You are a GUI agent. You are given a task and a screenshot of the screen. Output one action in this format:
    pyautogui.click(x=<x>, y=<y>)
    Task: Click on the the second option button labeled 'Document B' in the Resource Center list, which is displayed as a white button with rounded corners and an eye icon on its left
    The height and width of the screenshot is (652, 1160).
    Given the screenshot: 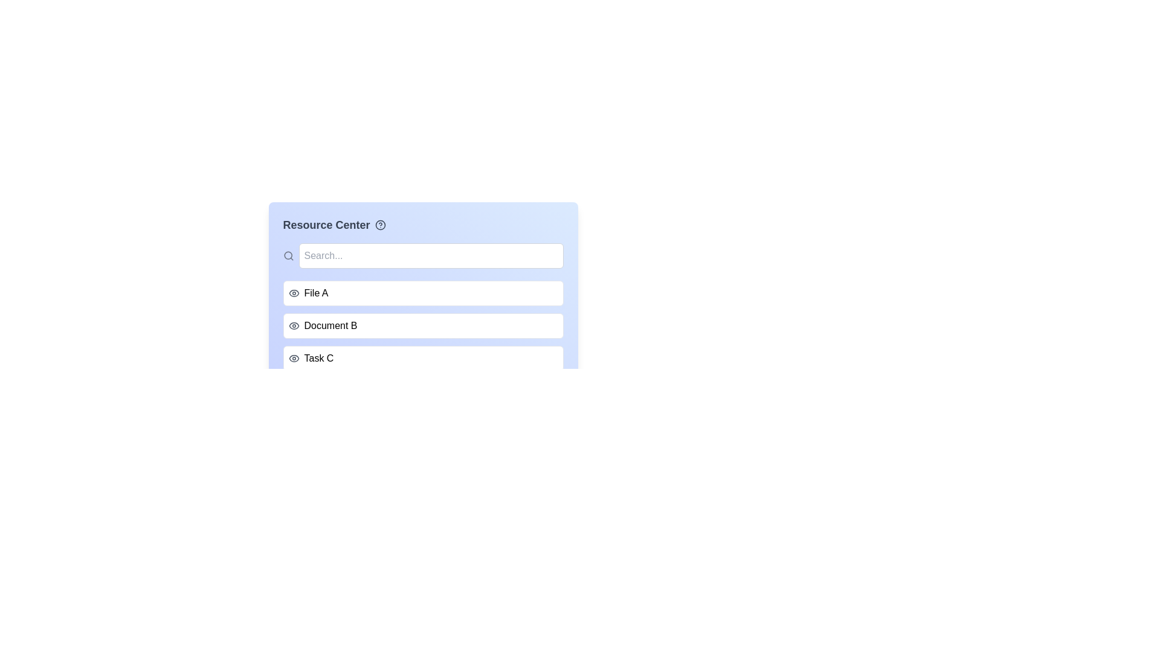 What is the action you would take?
    pyautogui.click(x=423, y=311)
    